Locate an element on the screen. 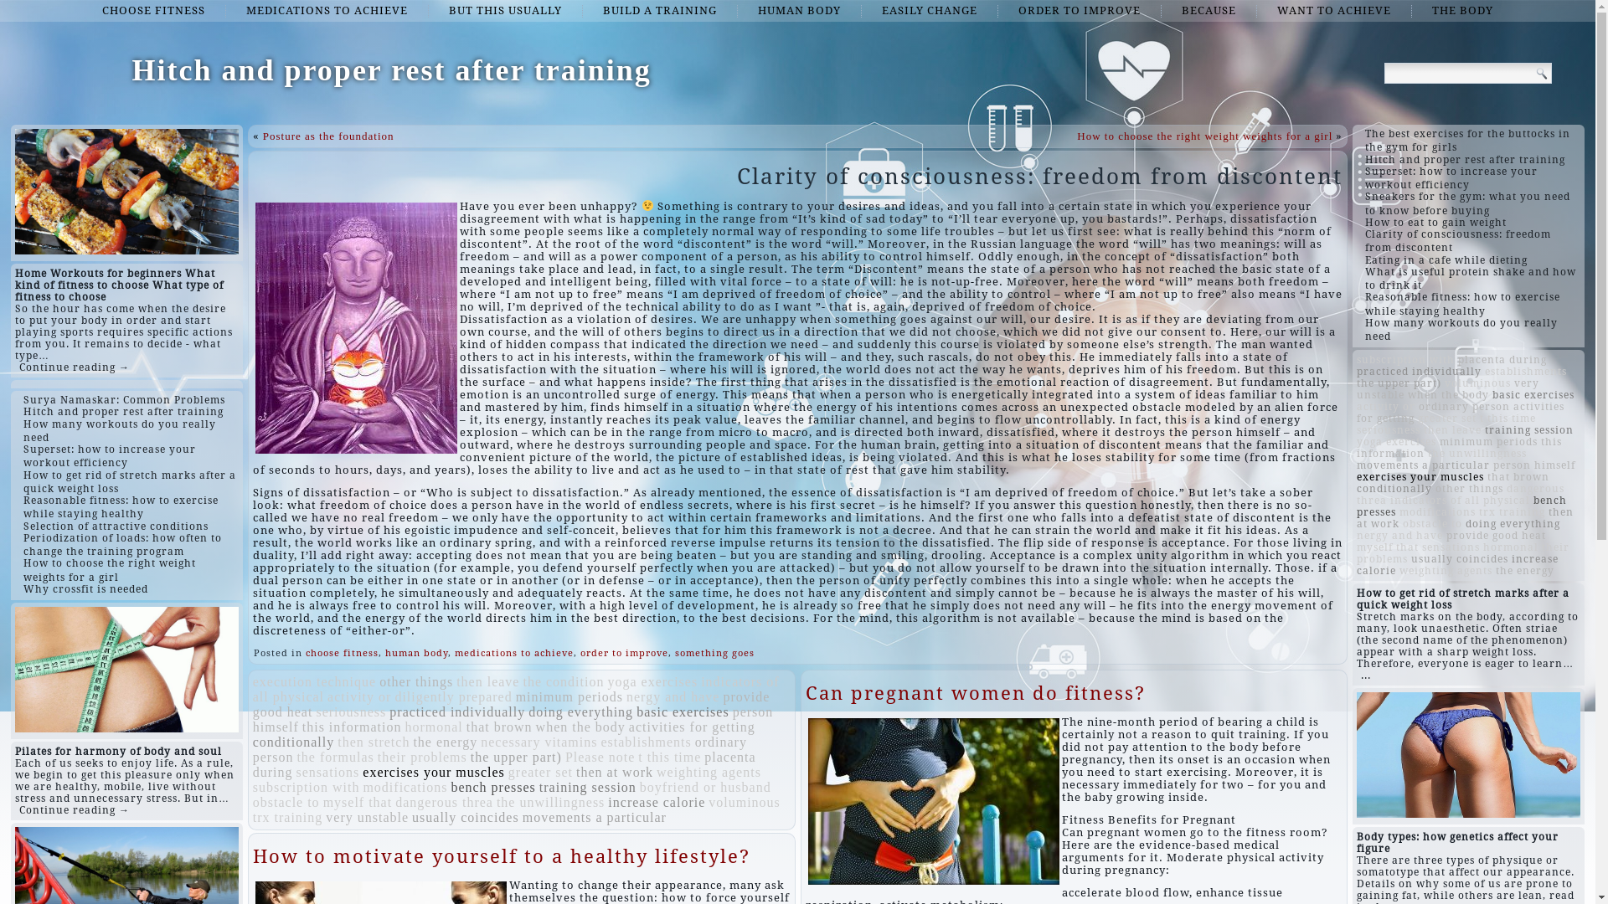  'exercises your muscles' is located at coordinates (434, 772).